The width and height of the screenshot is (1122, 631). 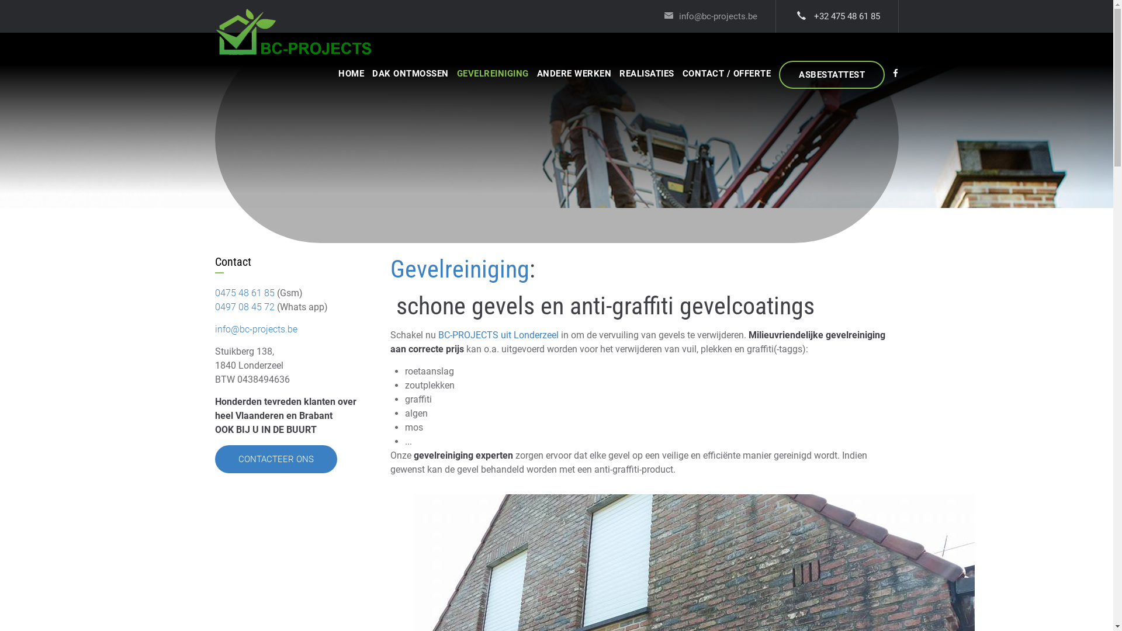 I want to click on 'info@bc-projects.be', so click(x=255, y=329).